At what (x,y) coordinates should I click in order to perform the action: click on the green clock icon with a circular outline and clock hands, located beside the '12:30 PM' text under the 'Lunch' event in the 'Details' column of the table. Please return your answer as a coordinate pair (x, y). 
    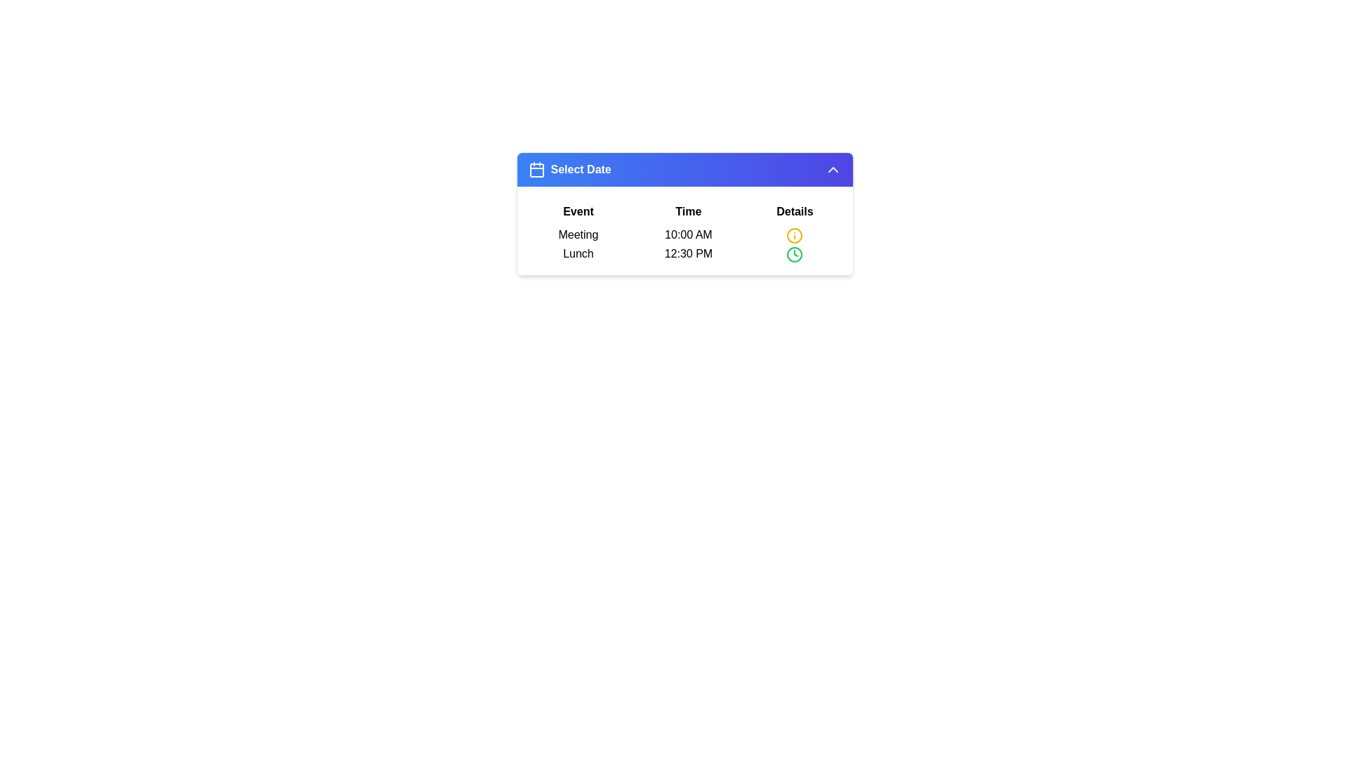
    Looking at the image, I should click on (795, 254).